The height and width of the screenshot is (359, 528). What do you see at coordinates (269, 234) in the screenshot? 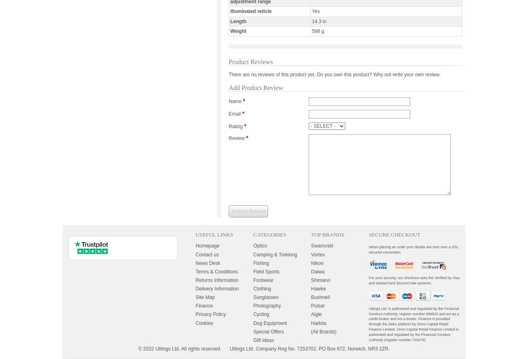
I see `'Categories'` at bounding box center [269, 234].